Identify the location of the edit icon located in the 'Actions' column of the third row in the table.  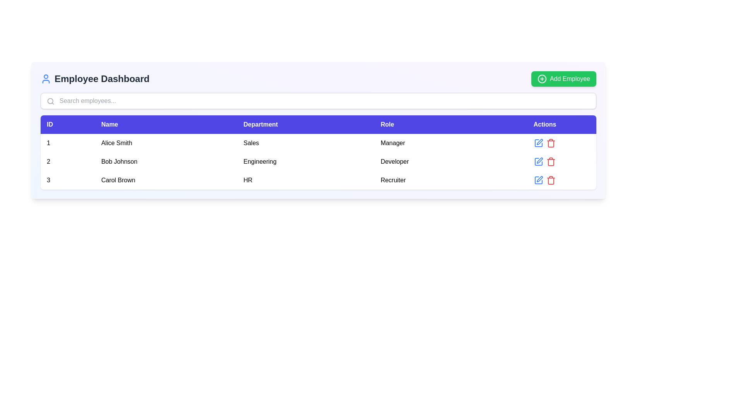
(538, 180).